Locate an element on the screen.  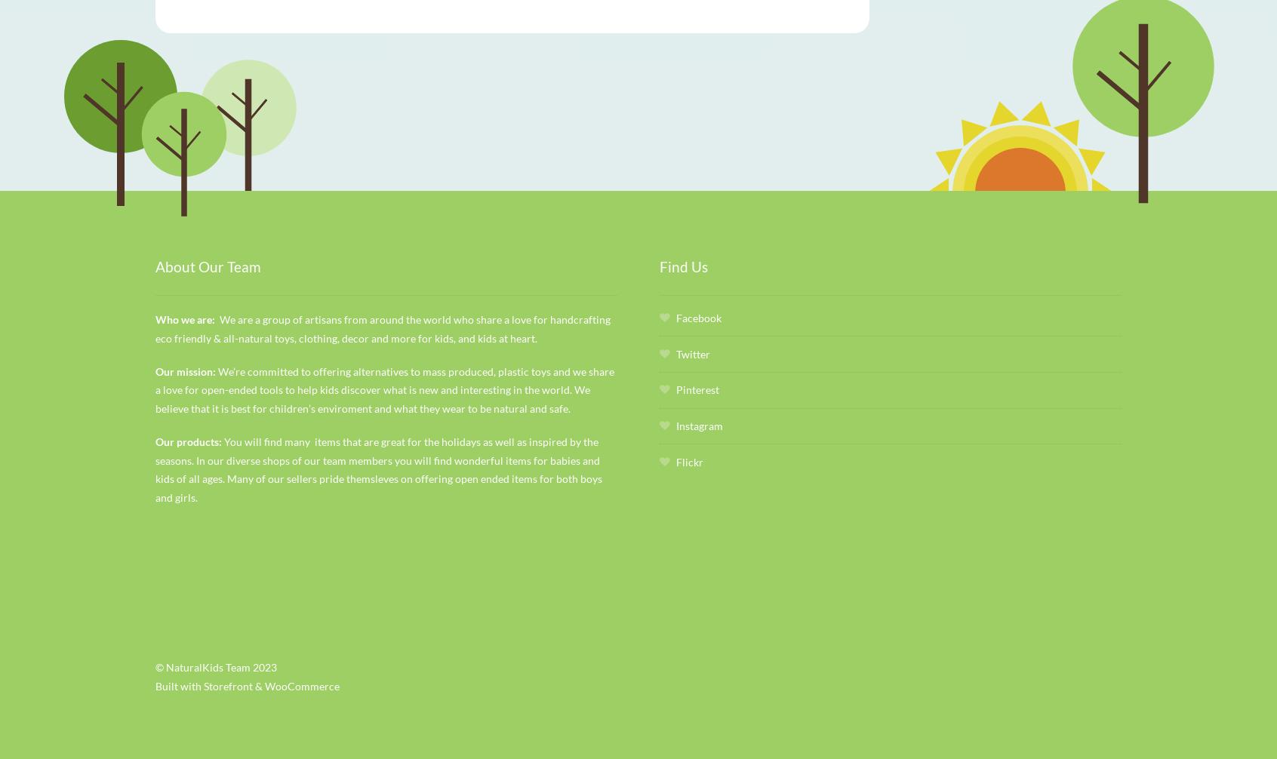
'© NaturalKids Team 2023' is located at coordinates (154, 665).